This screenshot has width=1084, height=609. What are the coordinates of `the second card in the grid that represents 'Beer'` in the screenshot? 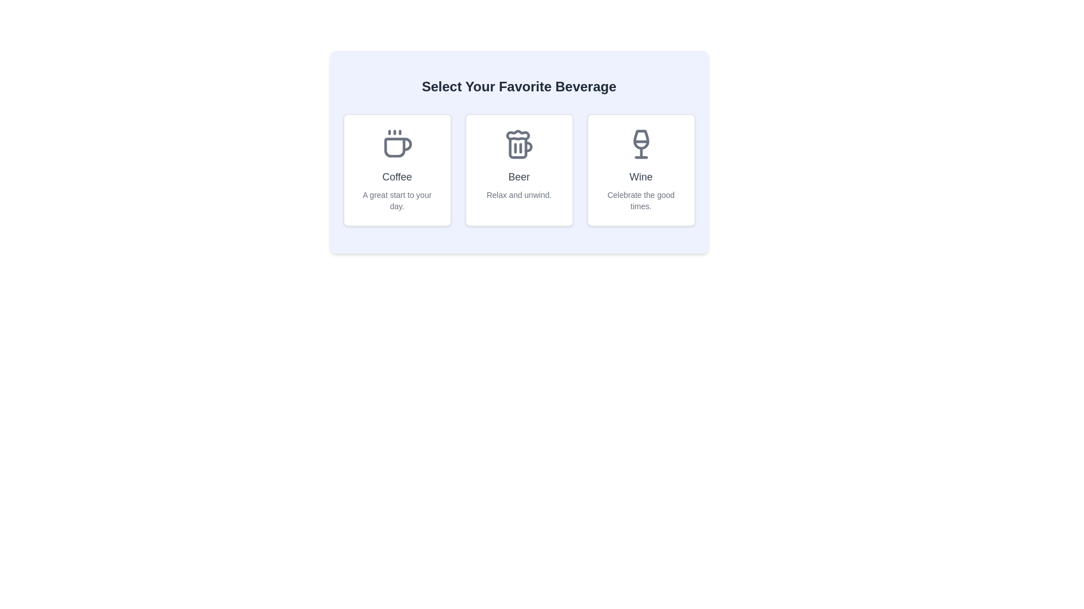 It's located at (518, 170).